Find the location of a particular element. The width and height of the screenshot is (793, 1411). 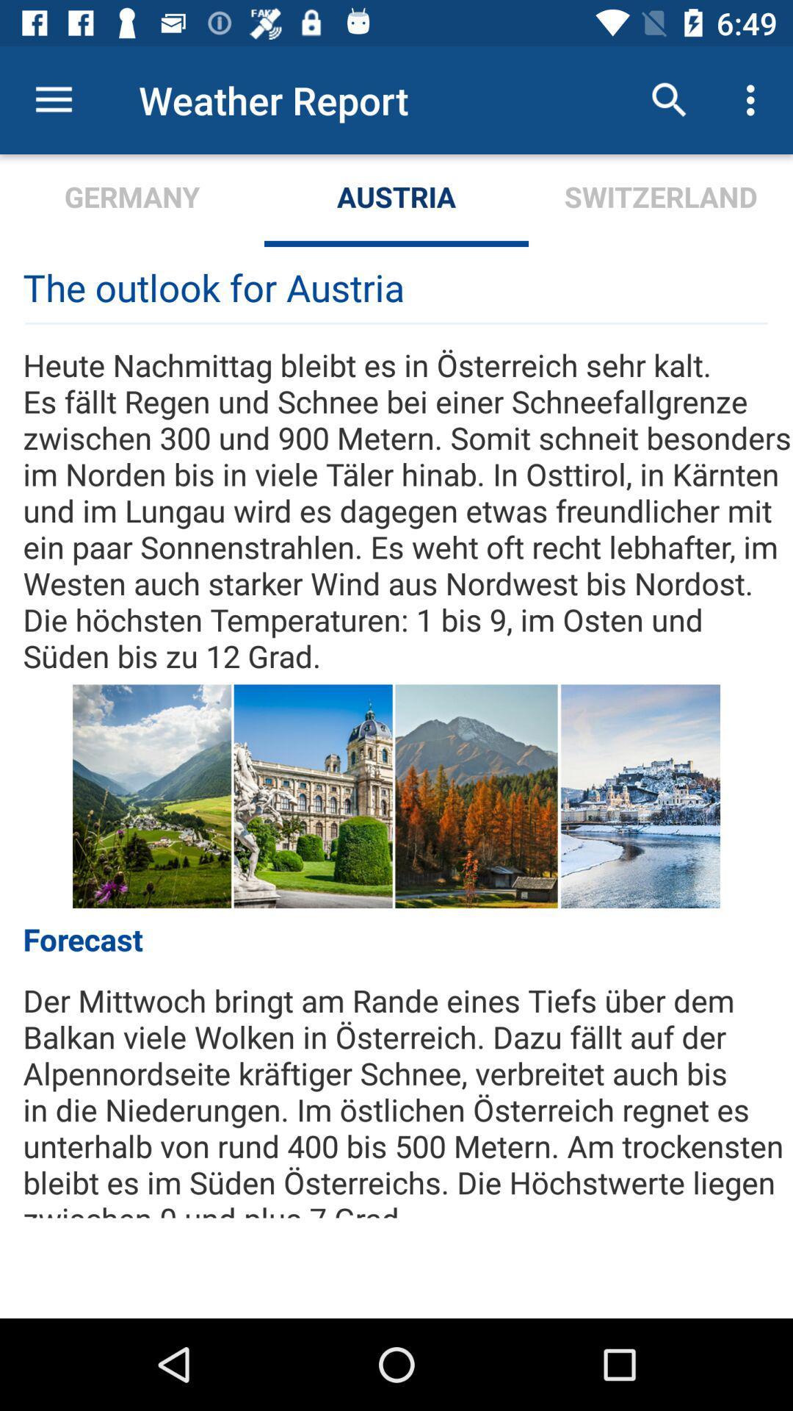

the item above the switzerland is located at coordinates (754, 99).